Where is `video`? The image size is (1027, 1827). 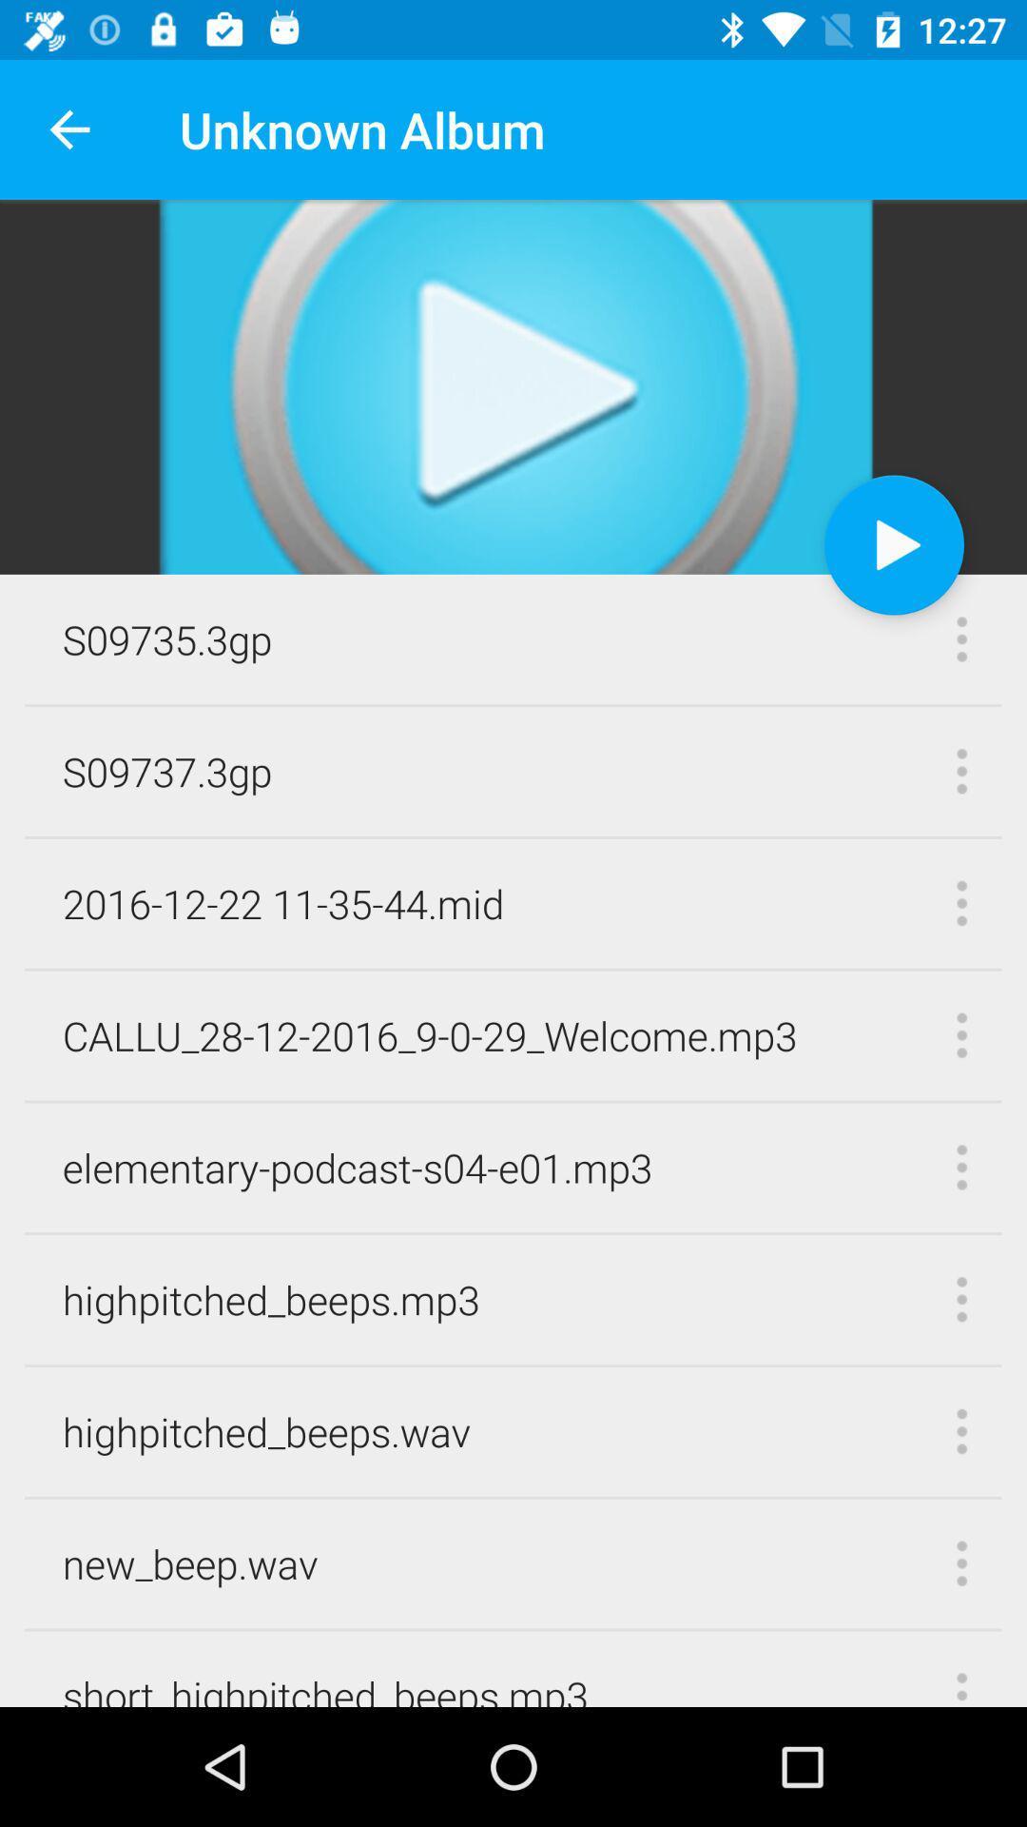 video is located at coordinates (894, 543).